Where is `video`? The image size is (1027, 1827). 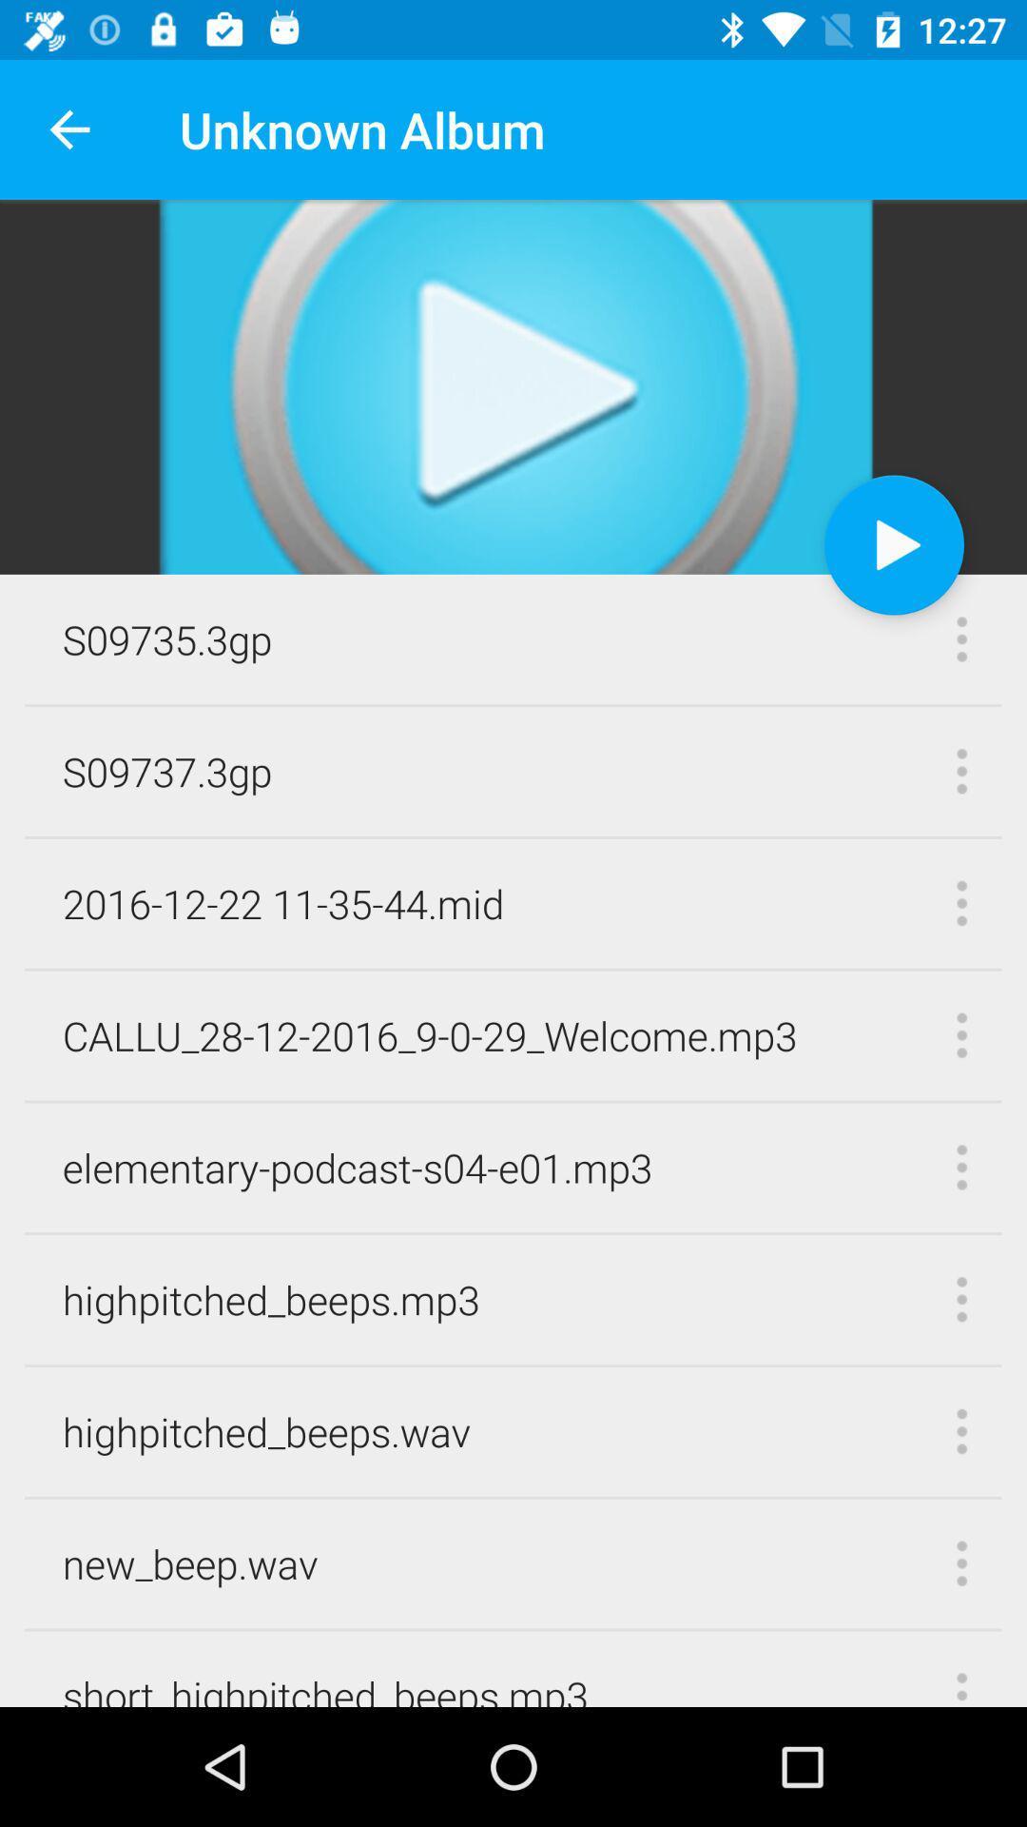 video is located at coordinates (894, 543).